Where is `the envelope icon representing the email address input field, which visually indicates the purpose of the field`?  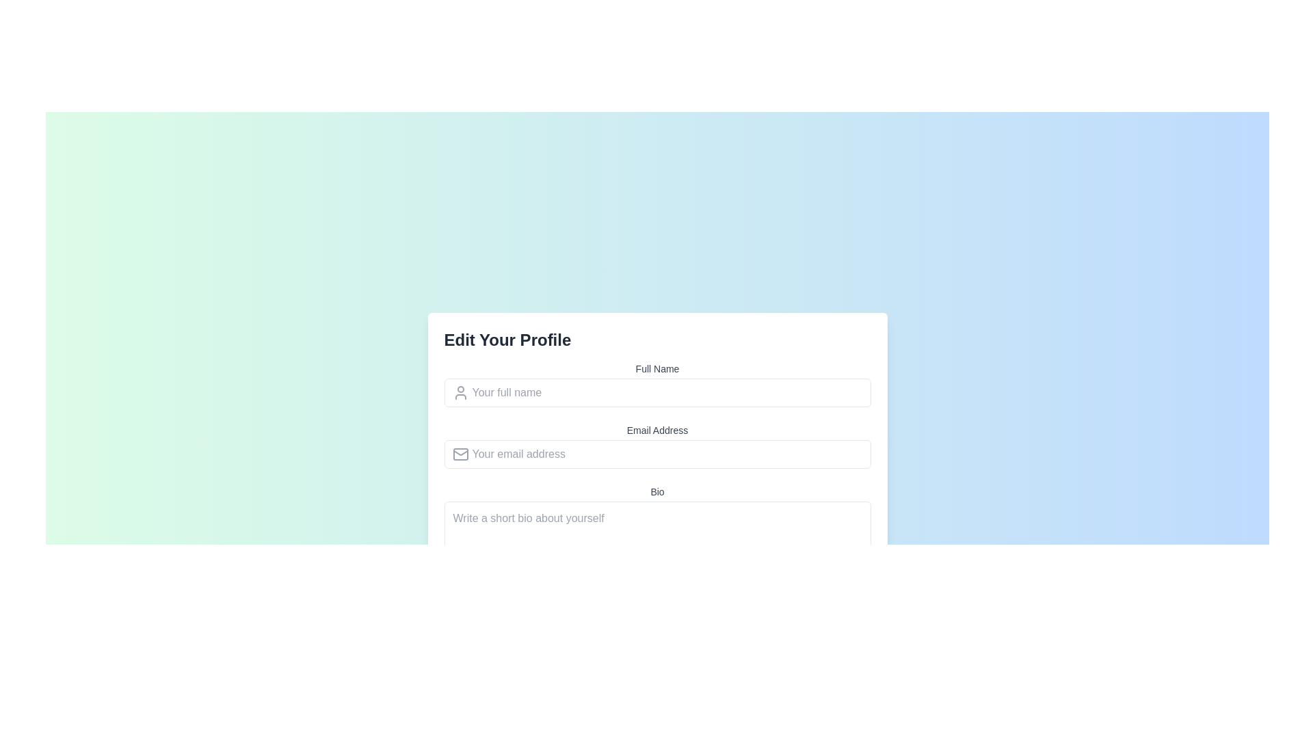 the envelope icon representing the email address input field, which visually indicates the purpose of the field is located at coordinates (460, 454).